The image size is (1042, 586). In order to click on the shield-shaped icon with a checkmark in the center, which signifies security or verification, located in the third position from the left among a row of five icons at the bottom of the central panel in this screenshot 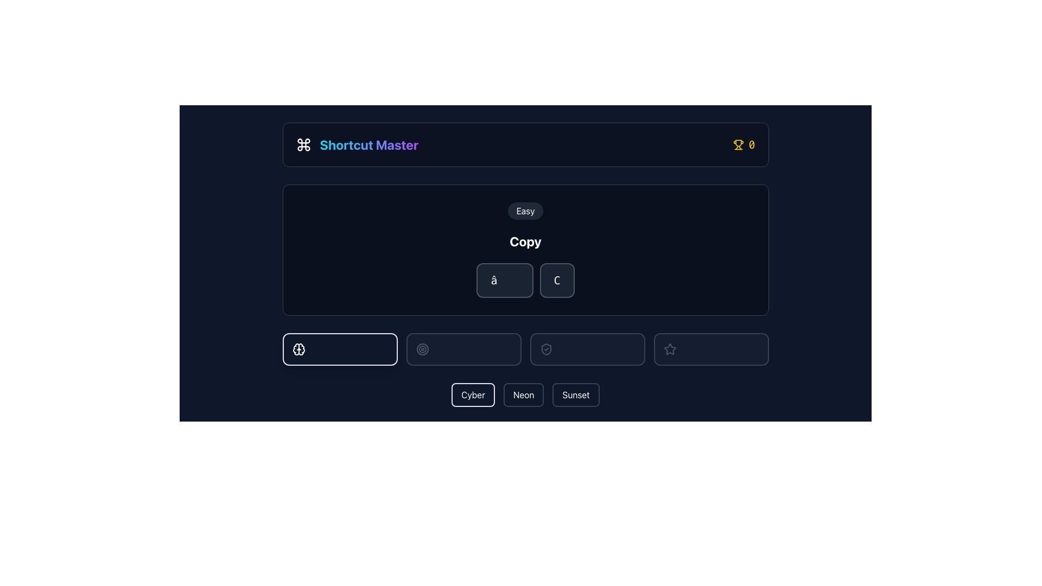, I will do `click(546, 349)`.